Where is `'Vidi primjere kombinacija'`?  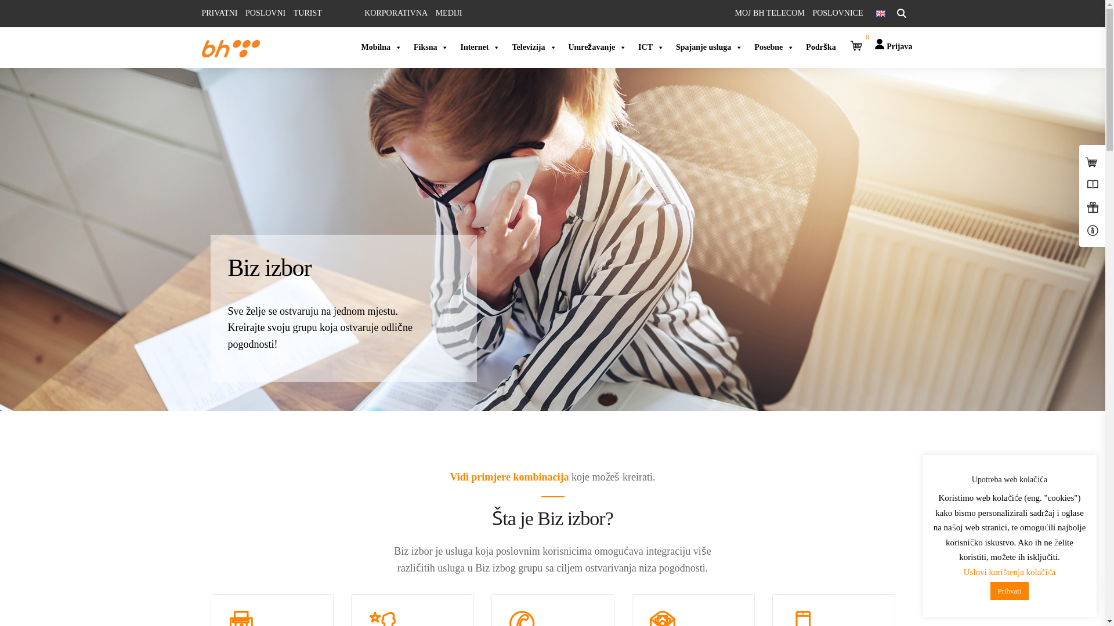
'Vidi primjere kombinacija' is located at coordinates (509, 476).